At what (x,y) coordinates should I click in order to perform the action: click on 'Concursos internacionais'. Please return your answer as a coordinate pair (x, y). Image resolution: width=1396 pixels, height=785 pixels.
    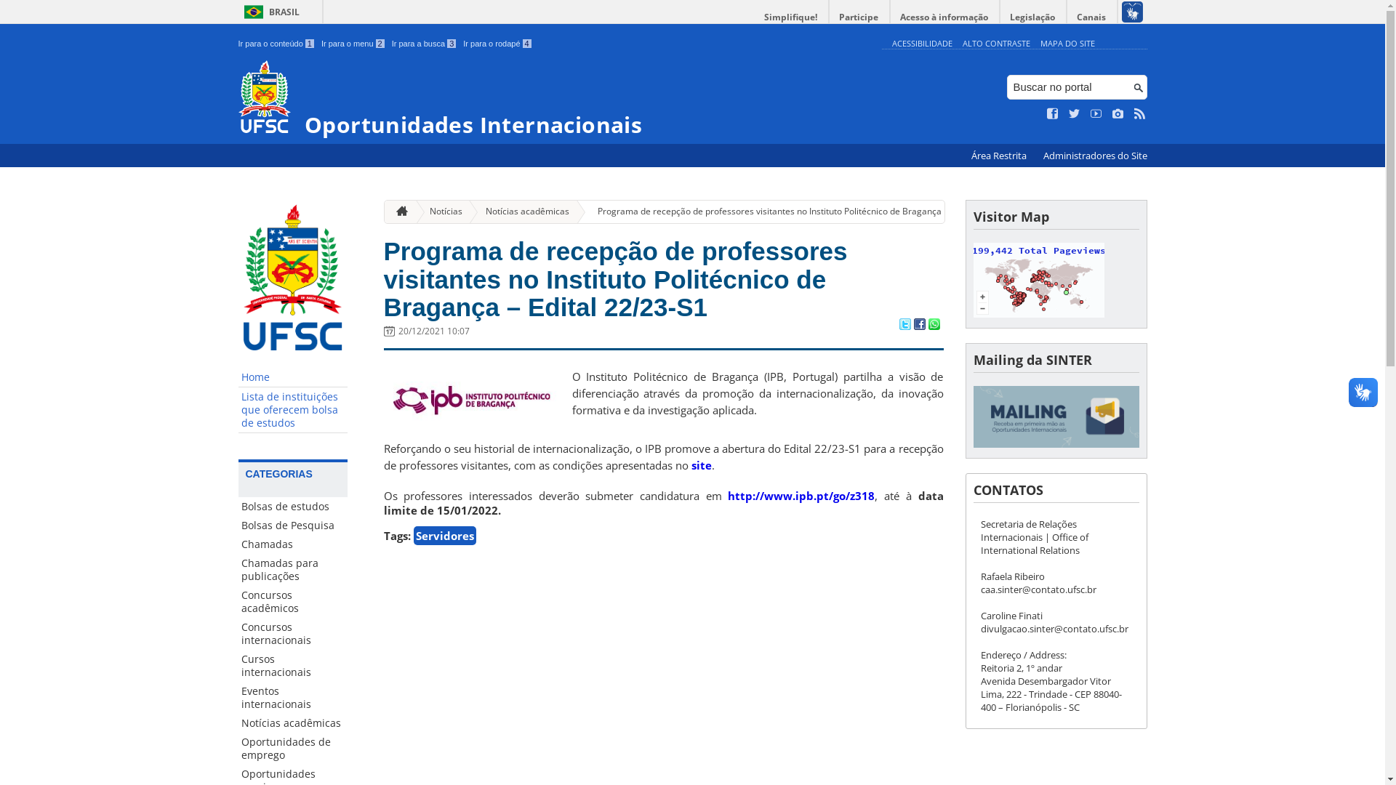
    Looking at the image, I should click on (292, 632).